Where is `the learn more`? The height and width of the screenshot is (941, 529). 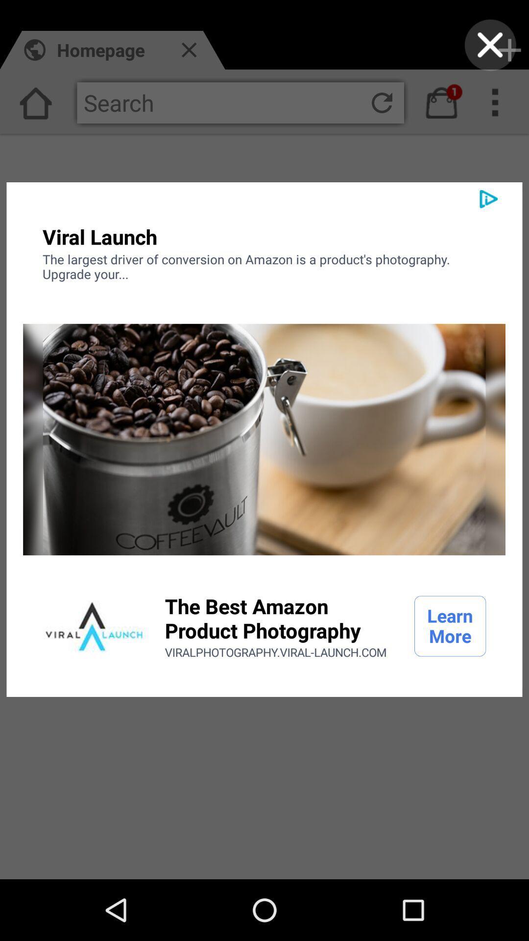 the learn more is located at coordinates (450, 625).